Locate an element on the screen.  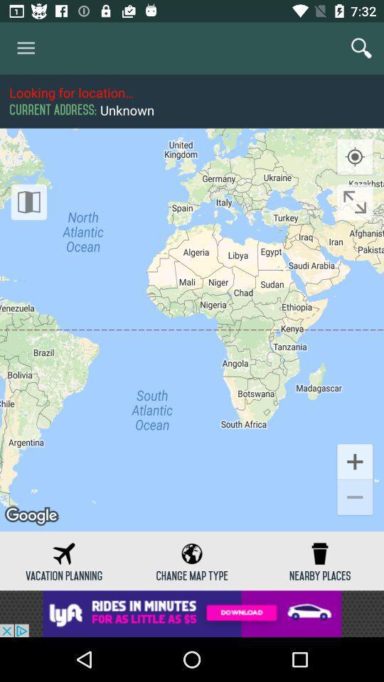
the book icon is located at coordinates (28, 201).